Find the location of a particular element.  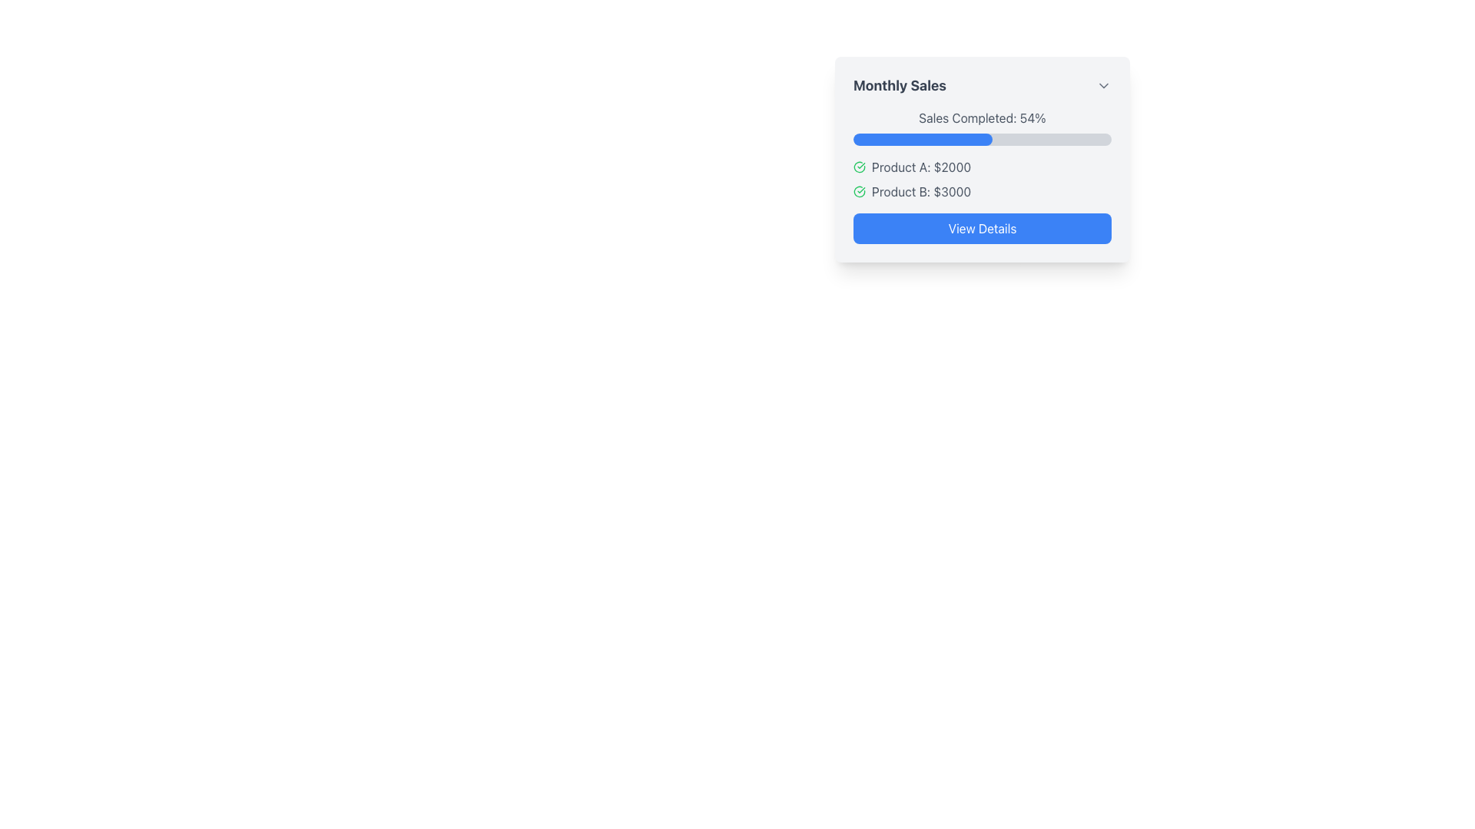

the text label displaying 'Product A' and its price '$2000' located in the second row of the product list under the 'Monthly Sales' section is located at coordinates (921, 167).